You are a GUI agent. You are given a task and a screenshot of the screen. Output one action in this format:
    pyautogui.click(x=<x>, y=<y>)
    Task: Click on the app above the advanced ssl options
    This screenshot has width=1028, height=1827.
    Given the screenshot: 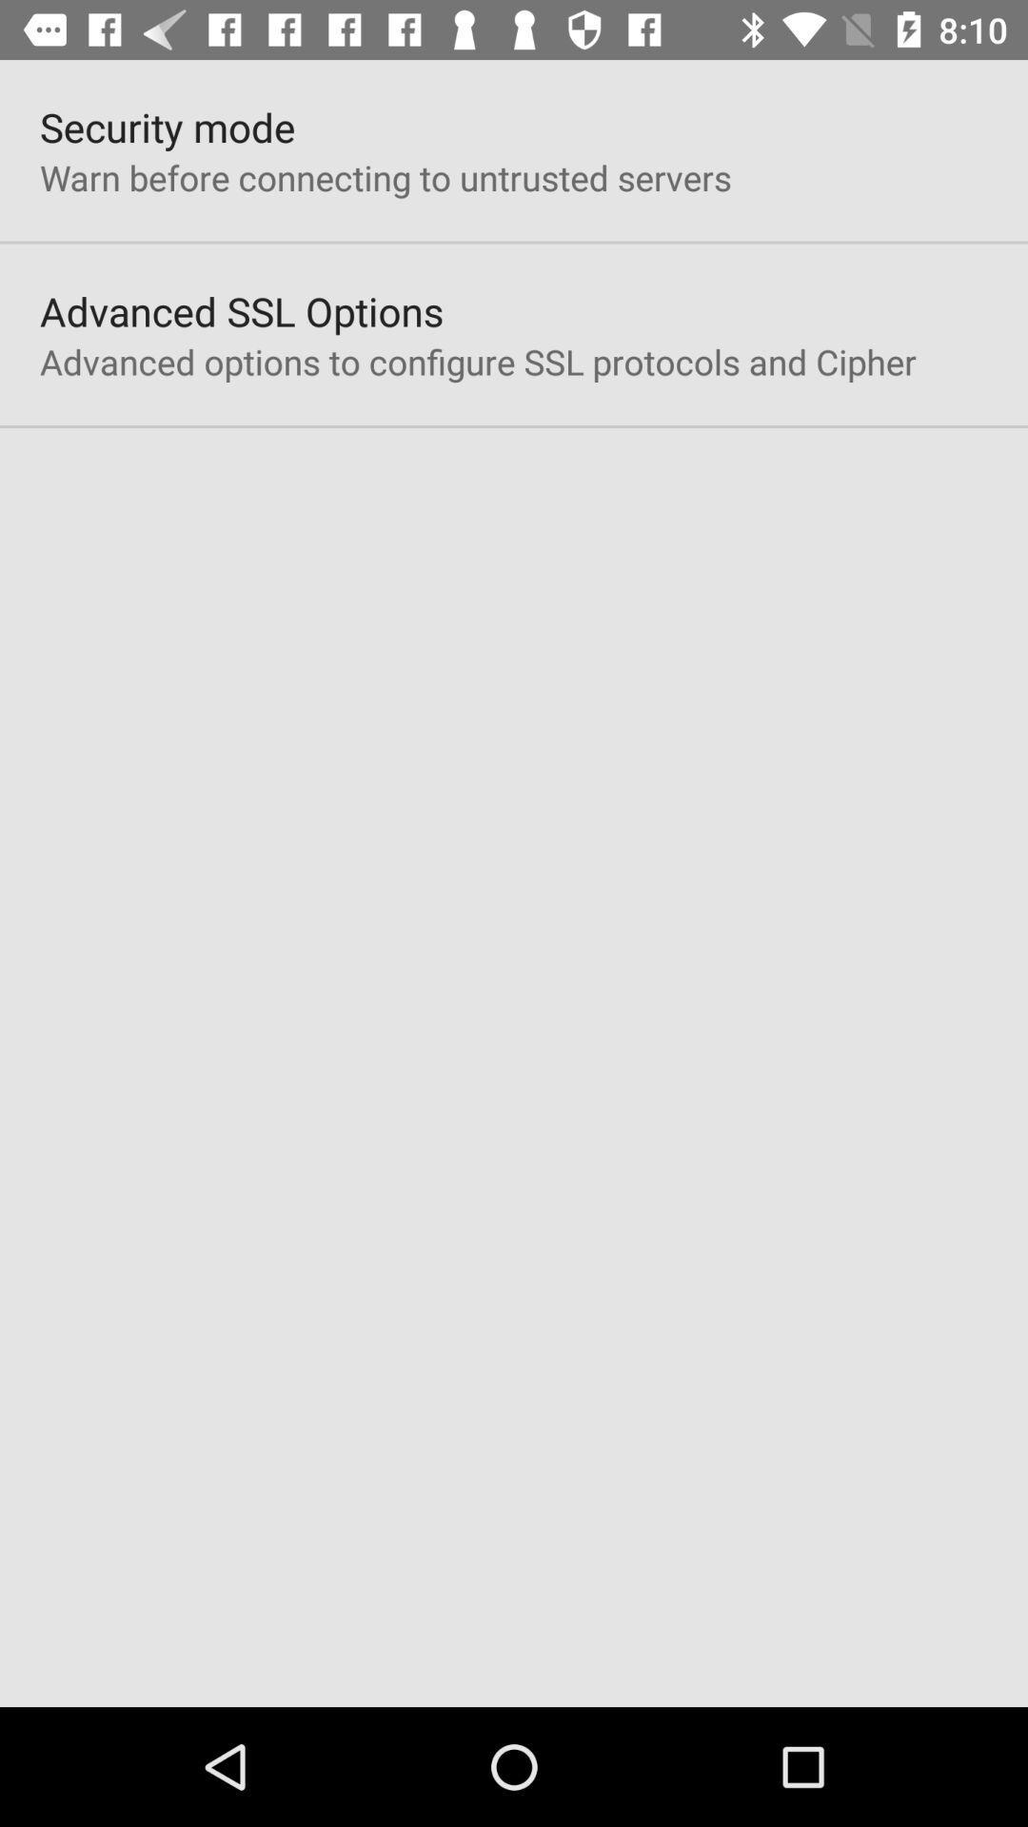 What is the action you would take?
    pyautogui.click(x=385, y=177)
    